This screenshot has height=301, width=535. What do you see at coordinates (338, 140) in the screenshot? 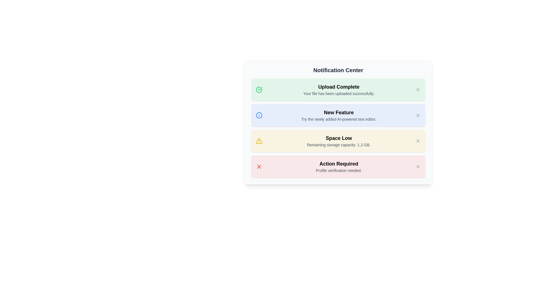
I see `the third notification text block that informs about low remaining storage capacity for clarity` at bounding box center [338, 140].